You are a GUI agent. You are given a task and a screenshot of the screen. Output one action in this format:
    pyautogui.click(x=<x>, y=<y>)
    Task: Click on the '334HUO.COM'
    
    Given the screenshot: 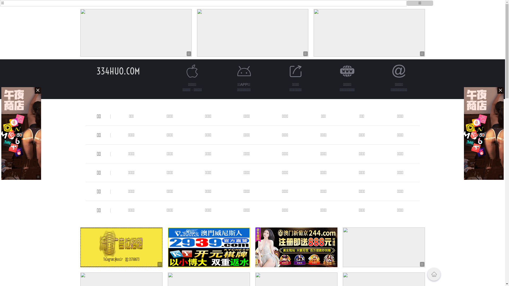 What is the action you would take?
    pyautogui.click(x=118, y=71)
    